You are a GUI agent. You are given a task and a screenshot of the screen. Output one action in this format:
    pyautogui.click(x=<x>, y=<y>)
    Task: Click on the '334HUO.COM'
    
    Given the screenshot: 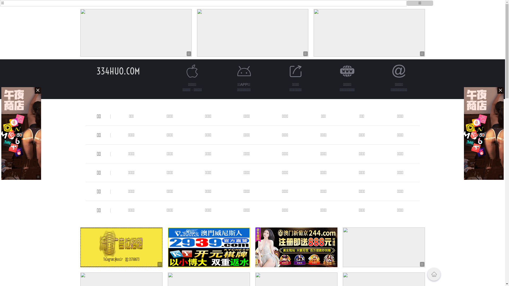 What is the action you would take?
    pyautogui.click(x=118, y=71)
    